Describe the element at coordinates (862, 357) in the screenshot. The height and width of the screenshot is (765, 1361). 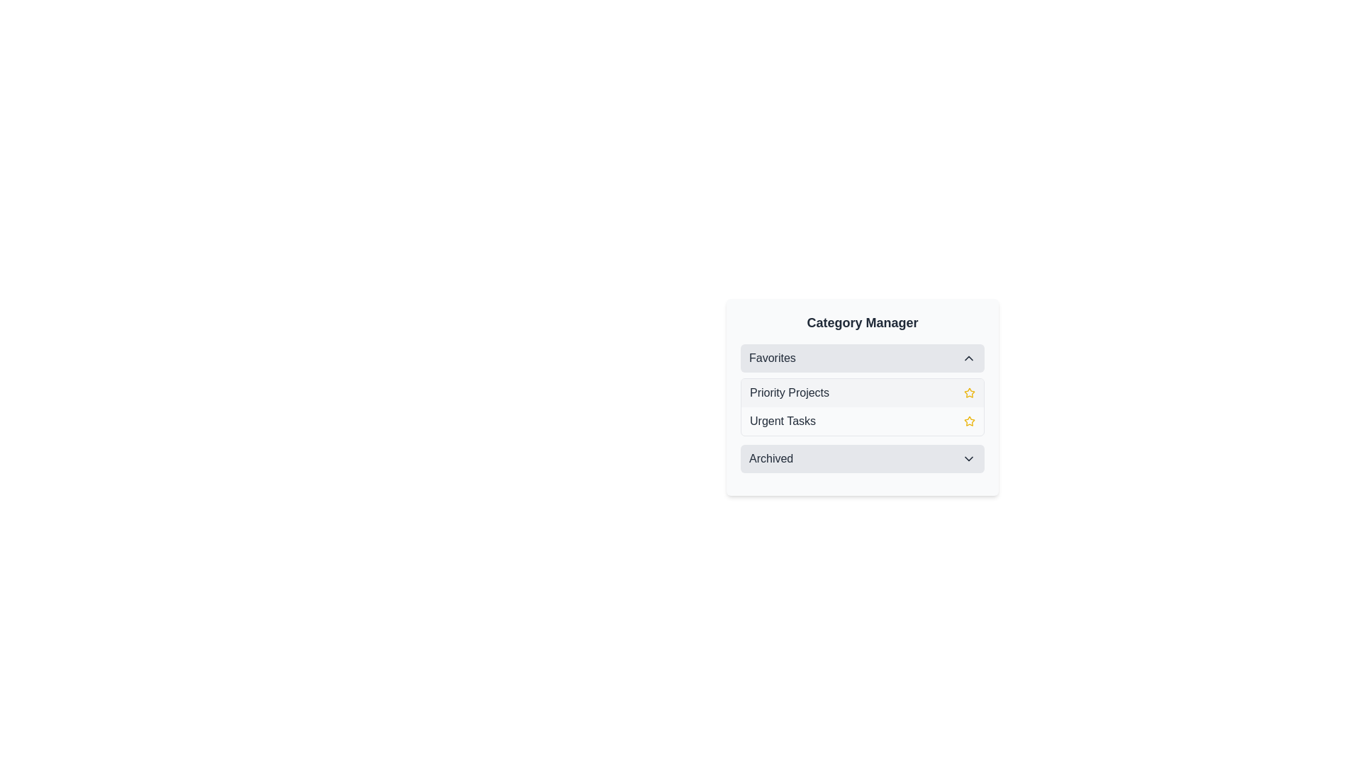
I see `the 'Favorites' button in the 'Category Manager' section` at that location.